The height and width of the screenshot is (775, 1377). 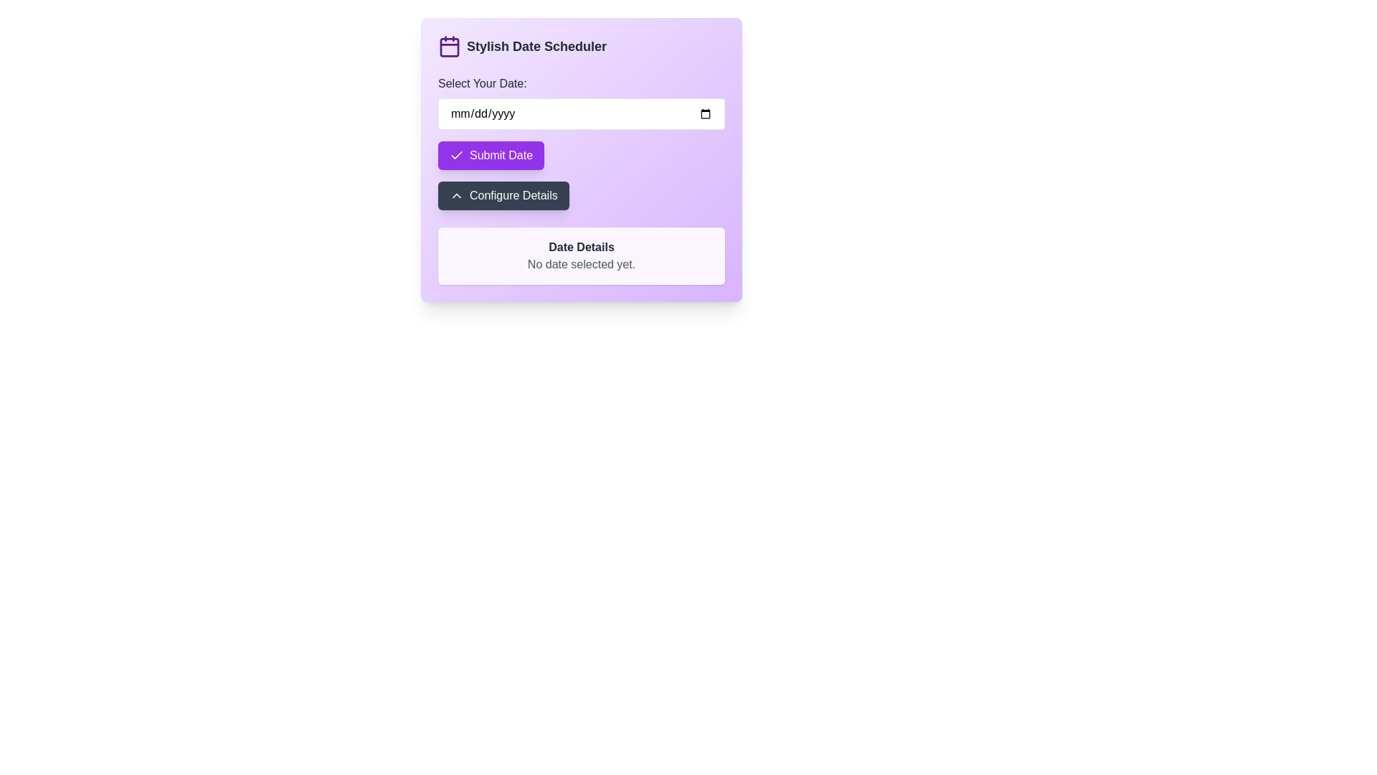 I want to click on the button located below the 'Submit Date' button that navigates to the configuration interface for managing scheduler details, so click(x=503, y=196).